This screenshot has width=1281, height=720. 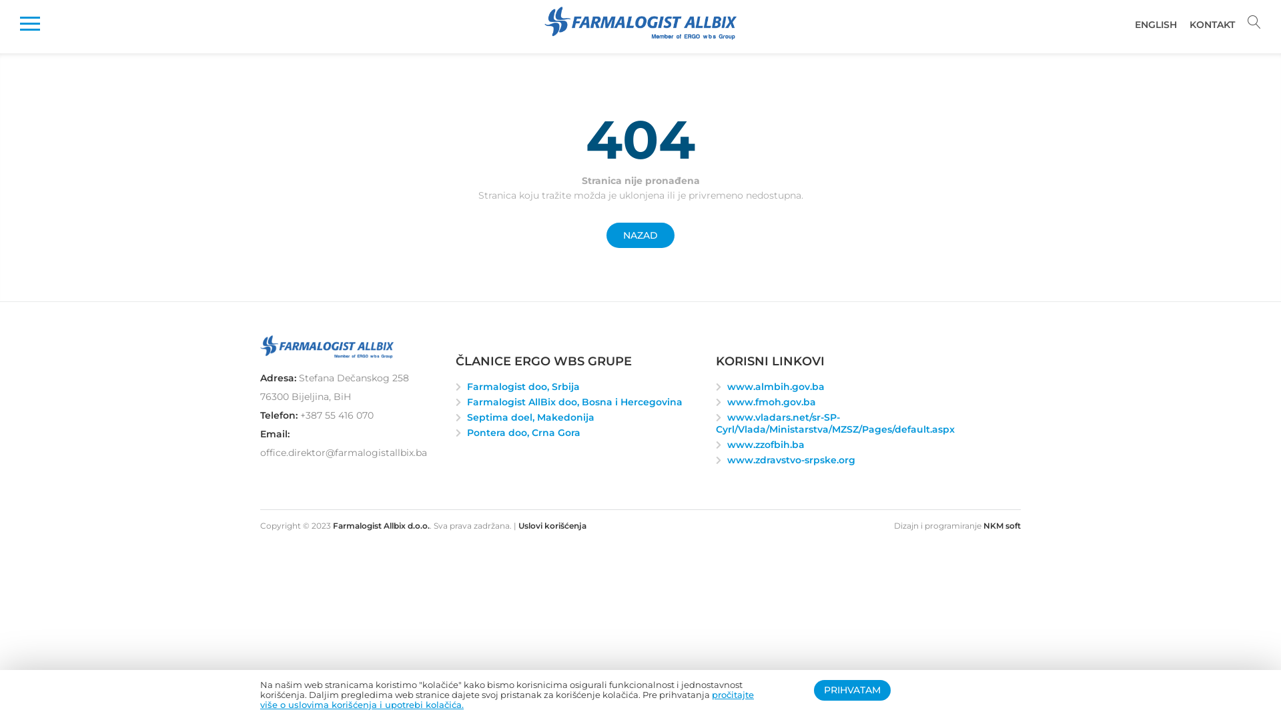 I want to click on 'NAZAD', so click(x=640, y=235).